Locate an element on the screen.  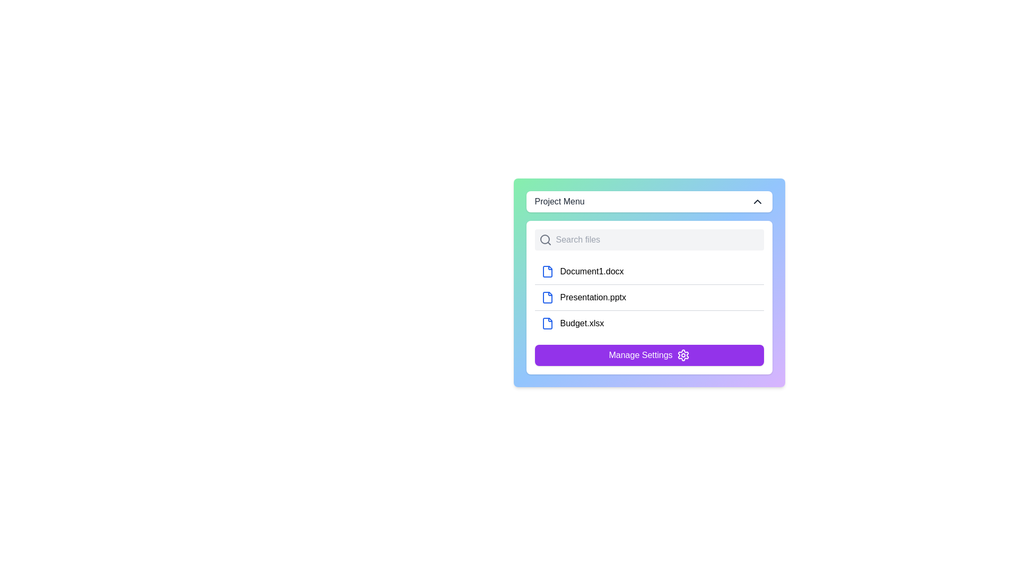
the graphical icon representing the first file, which is visually part of the blue file icon to the left of 'Document1.docx' is located at coordinates (547, 271).